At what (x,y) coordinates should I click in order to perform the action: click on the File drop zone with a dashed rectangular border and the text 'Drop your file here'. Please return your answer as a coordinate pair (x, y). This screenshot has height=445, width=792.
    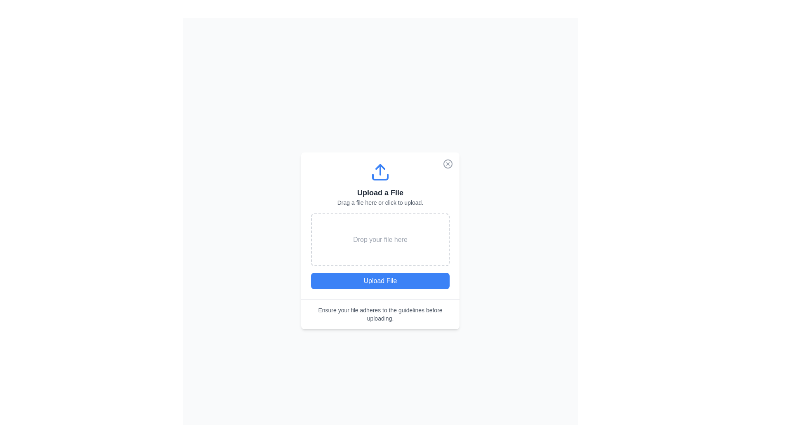
    Looking at the image, I should click on (379, 239).